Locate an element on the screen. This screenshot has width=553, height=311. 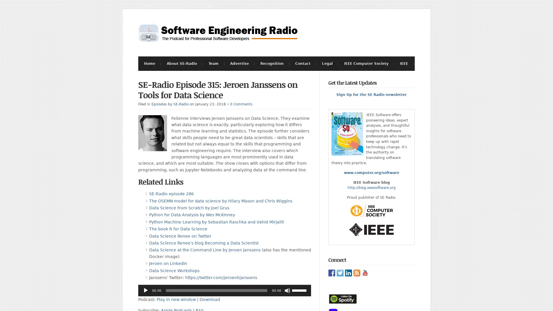
Mute is located at coordinates (287, 291).